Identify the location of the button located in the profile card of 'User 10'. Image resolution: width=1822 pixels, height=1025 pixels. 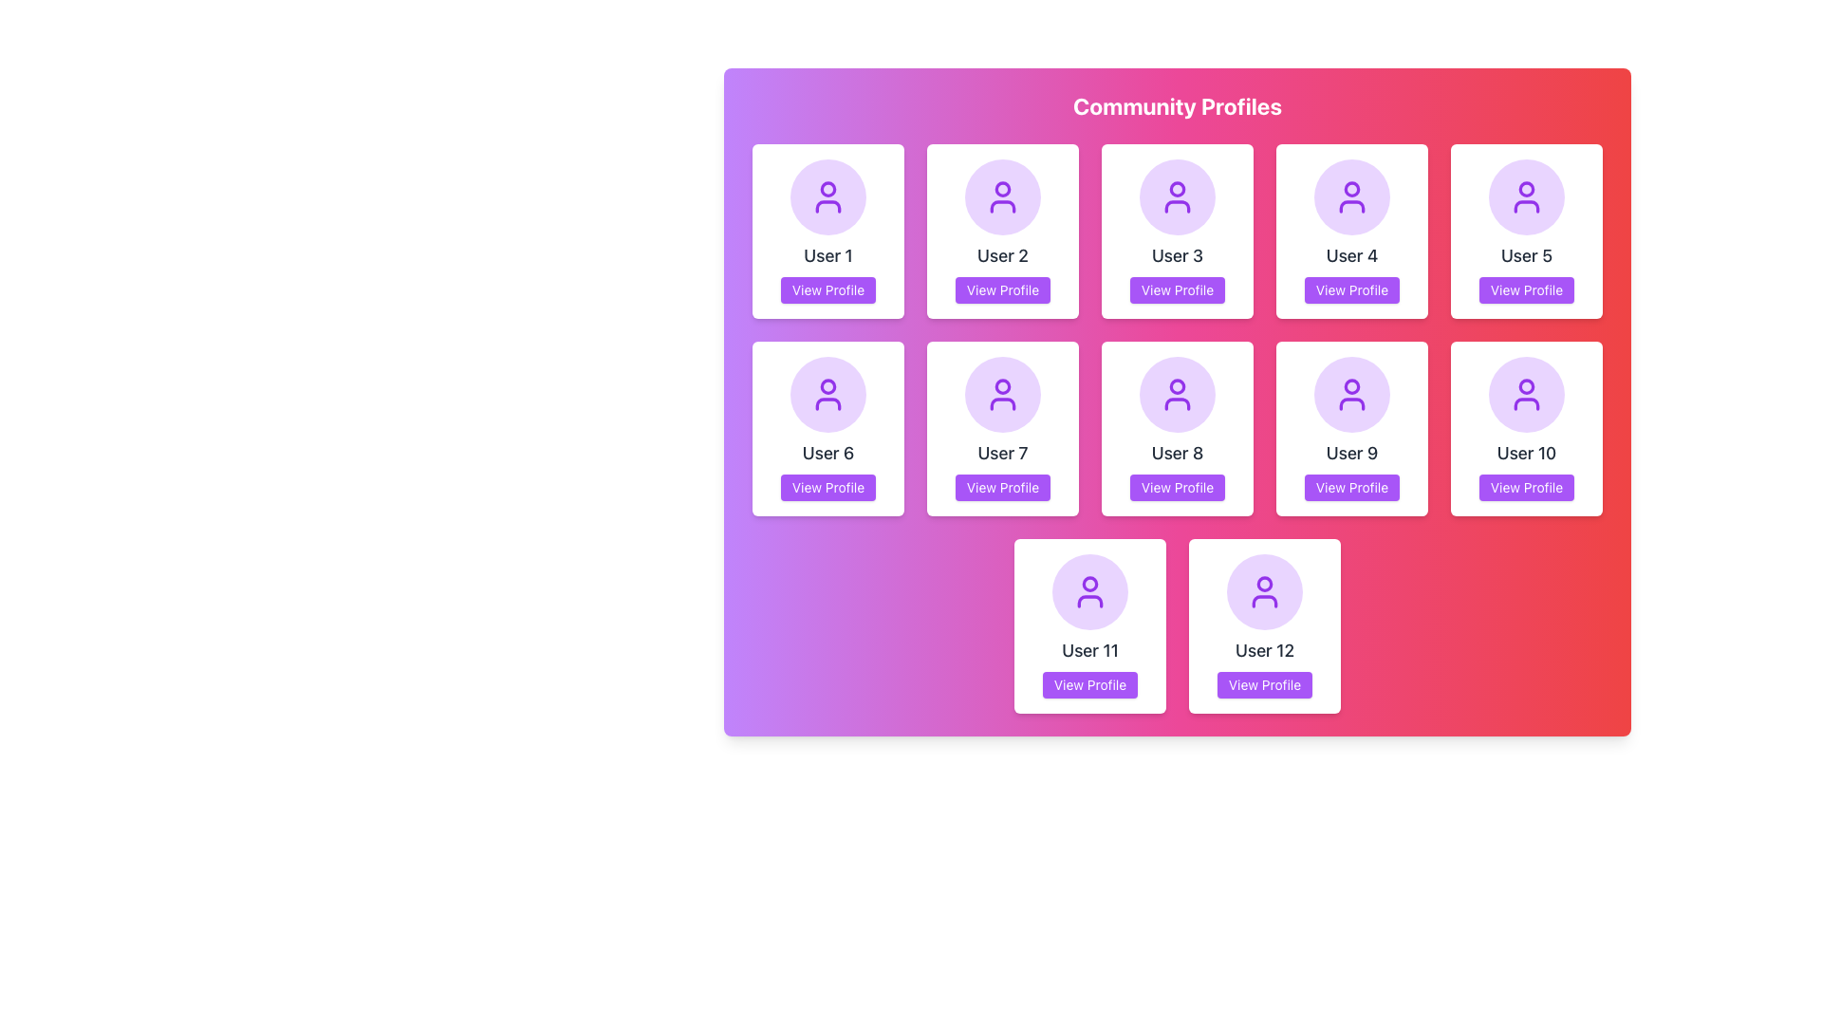
(1526, 486).